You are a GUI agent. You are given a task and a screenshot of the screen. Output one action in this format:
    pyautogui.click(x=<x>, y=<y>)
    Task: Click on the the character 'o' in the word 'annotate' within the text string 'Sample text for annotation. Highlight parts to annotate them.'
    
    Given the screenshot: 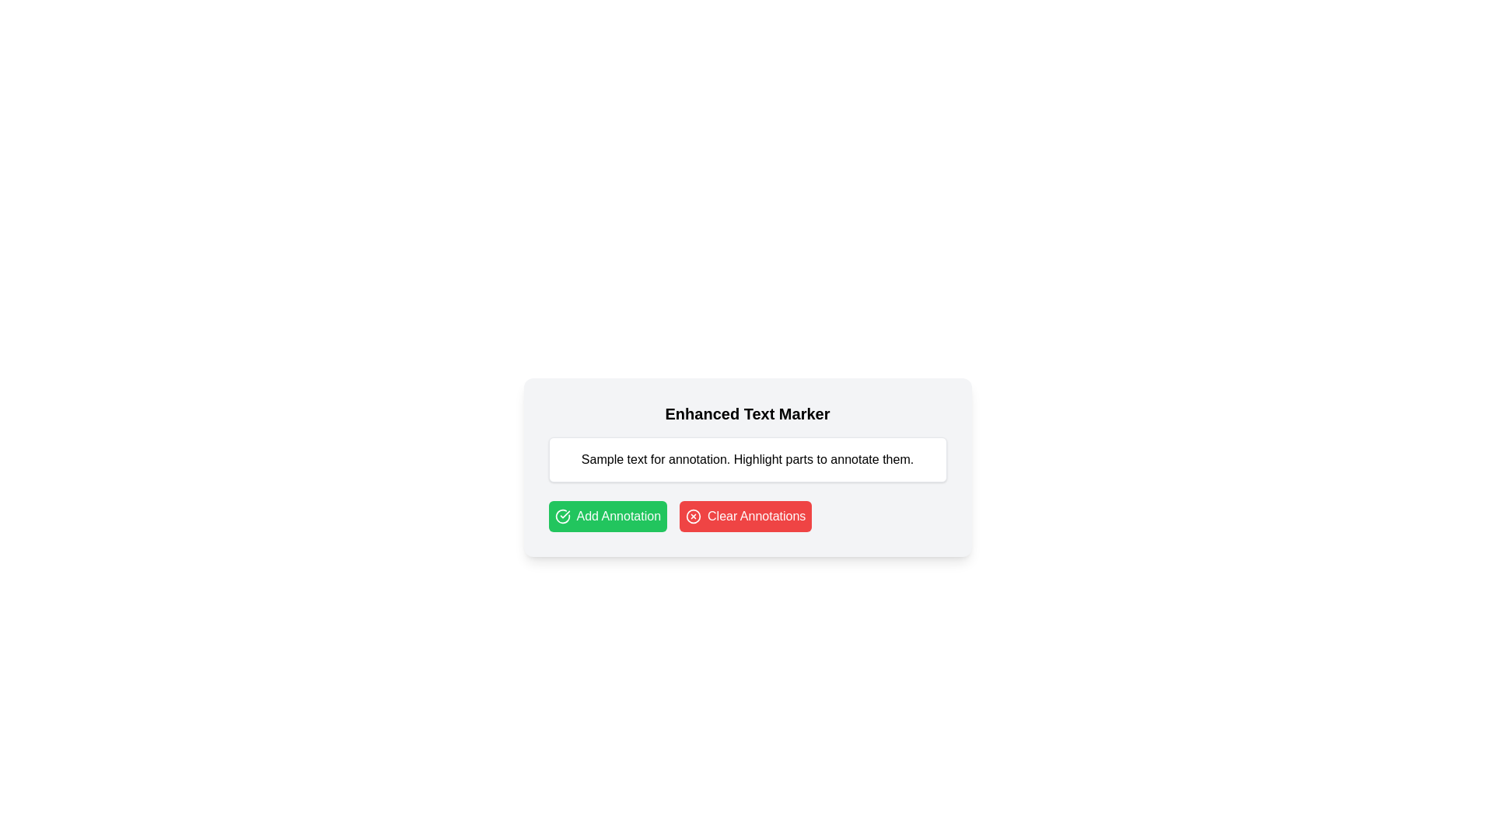 What is the action you would take?
    pyautogui.click(x=854, y=458)
    